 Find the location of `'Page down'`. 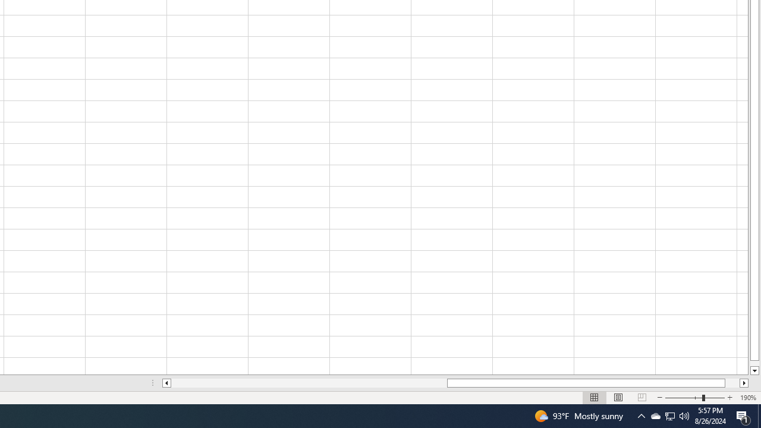

'Page down' is located at coordinates (754, 363).